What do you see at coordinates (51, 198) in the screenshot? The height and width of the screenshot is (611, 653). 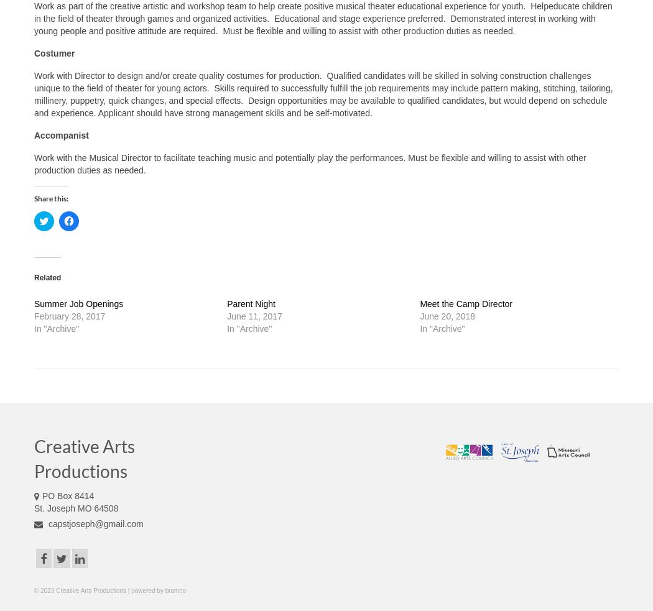 I see `'Share this:'` at bounding box center [51, 198].